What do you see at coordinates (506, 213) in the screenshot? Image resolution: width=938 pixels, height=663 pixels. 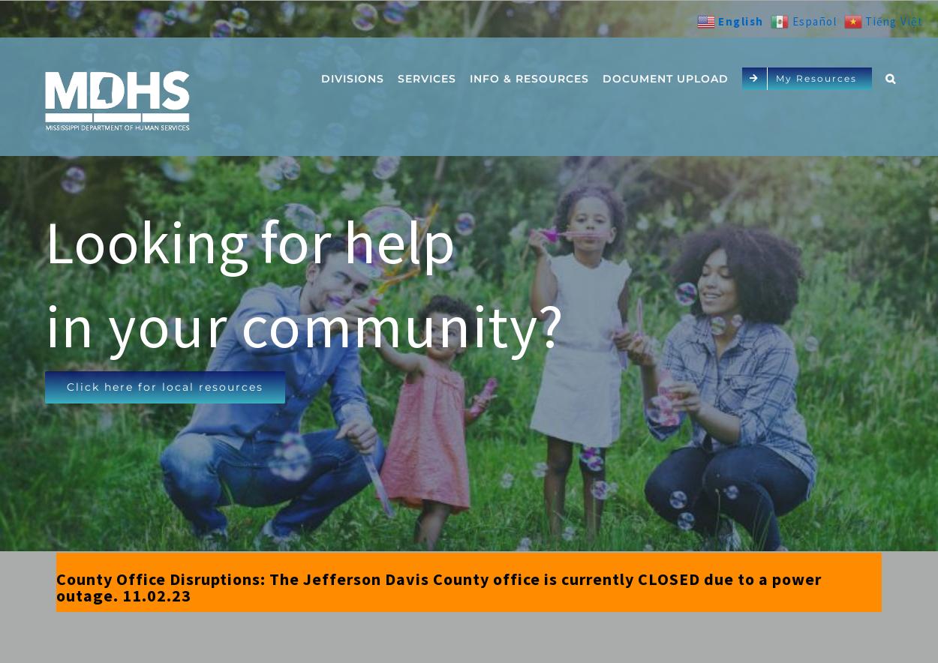 I see `'Contact'` at bounding box center [506, 213].